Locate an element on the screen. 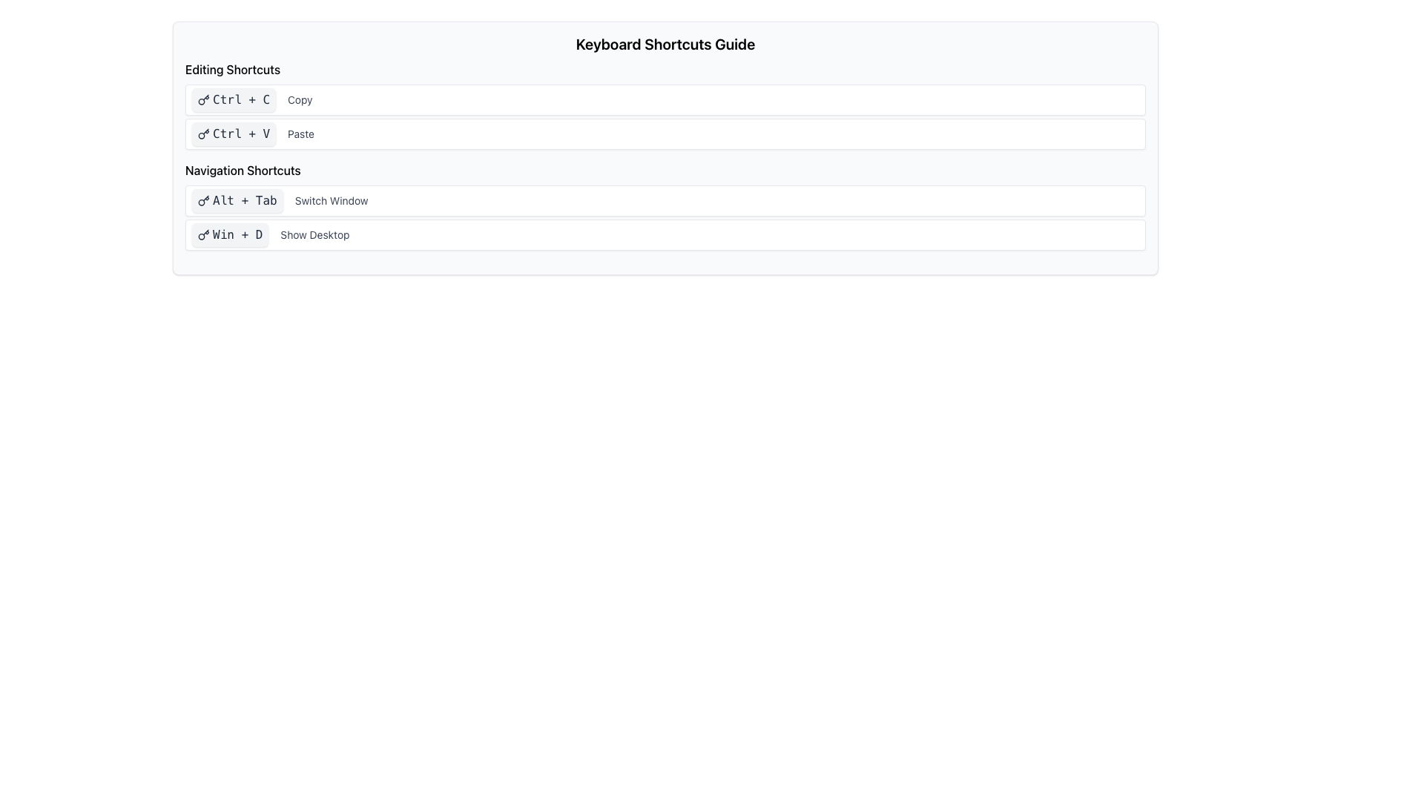  the Text display icon that signifies the 'Win + D' shortcut for minimizing all windows and showing the desktop is located at coordinates (229, 234).